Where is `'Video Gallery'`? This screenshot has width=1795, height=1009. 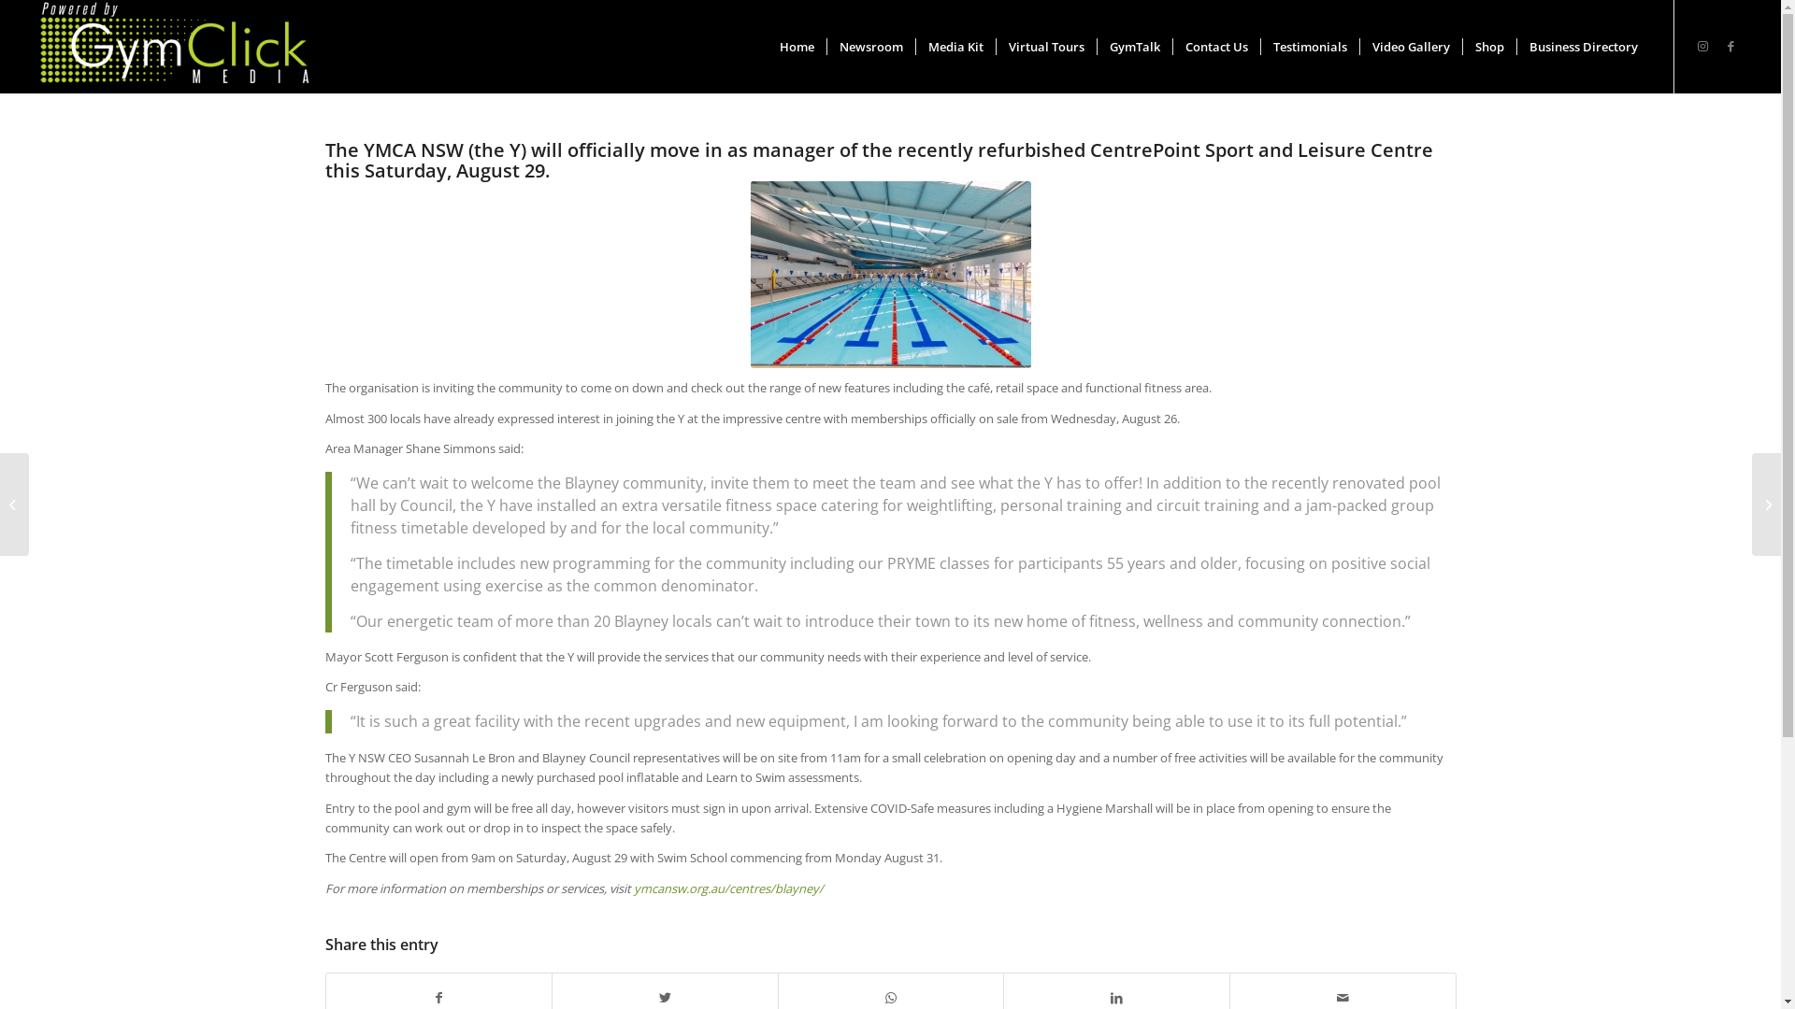 'Video Gallery' is located at coordinates (1410, 46).